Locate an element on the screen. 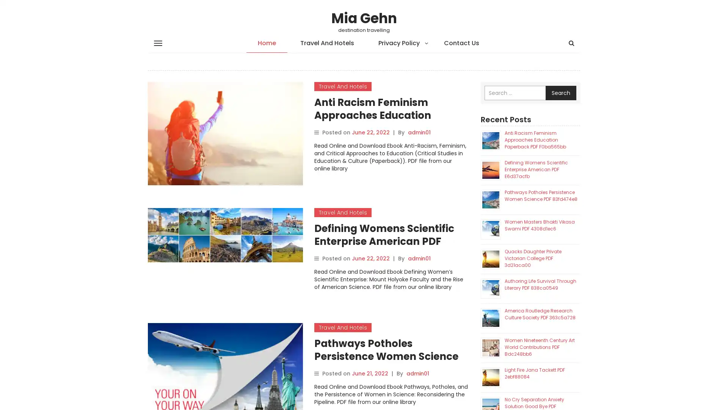  Search is located at coordinates (561, 93).